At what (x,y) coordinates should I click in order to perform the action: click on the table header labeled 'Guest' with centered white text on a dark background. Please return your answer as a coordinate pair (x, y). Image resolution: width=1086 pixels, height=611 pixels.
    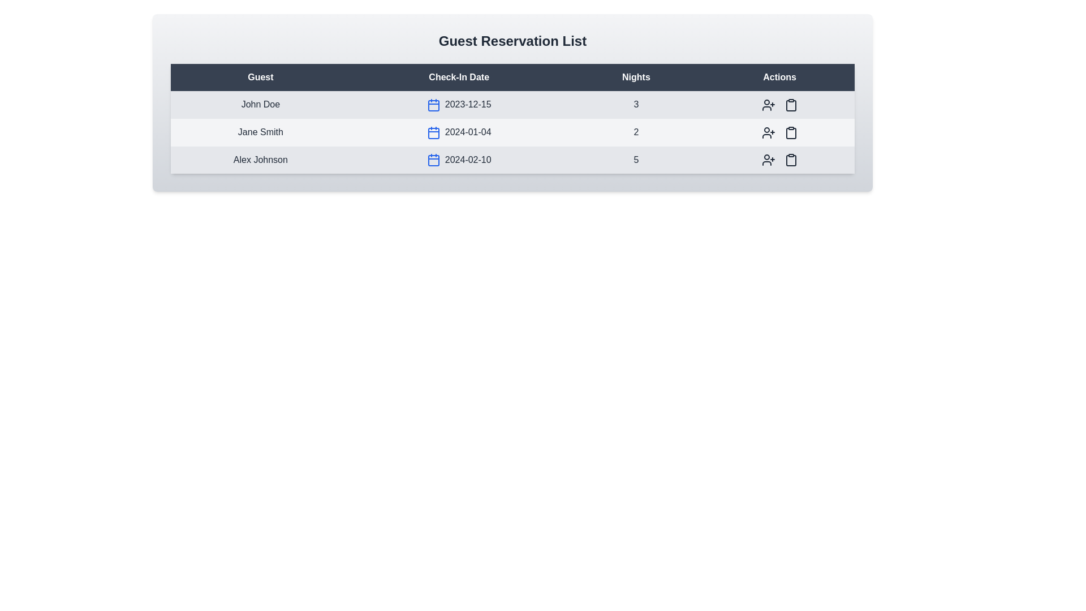
    Looking at the image, I should click on (260, 77).